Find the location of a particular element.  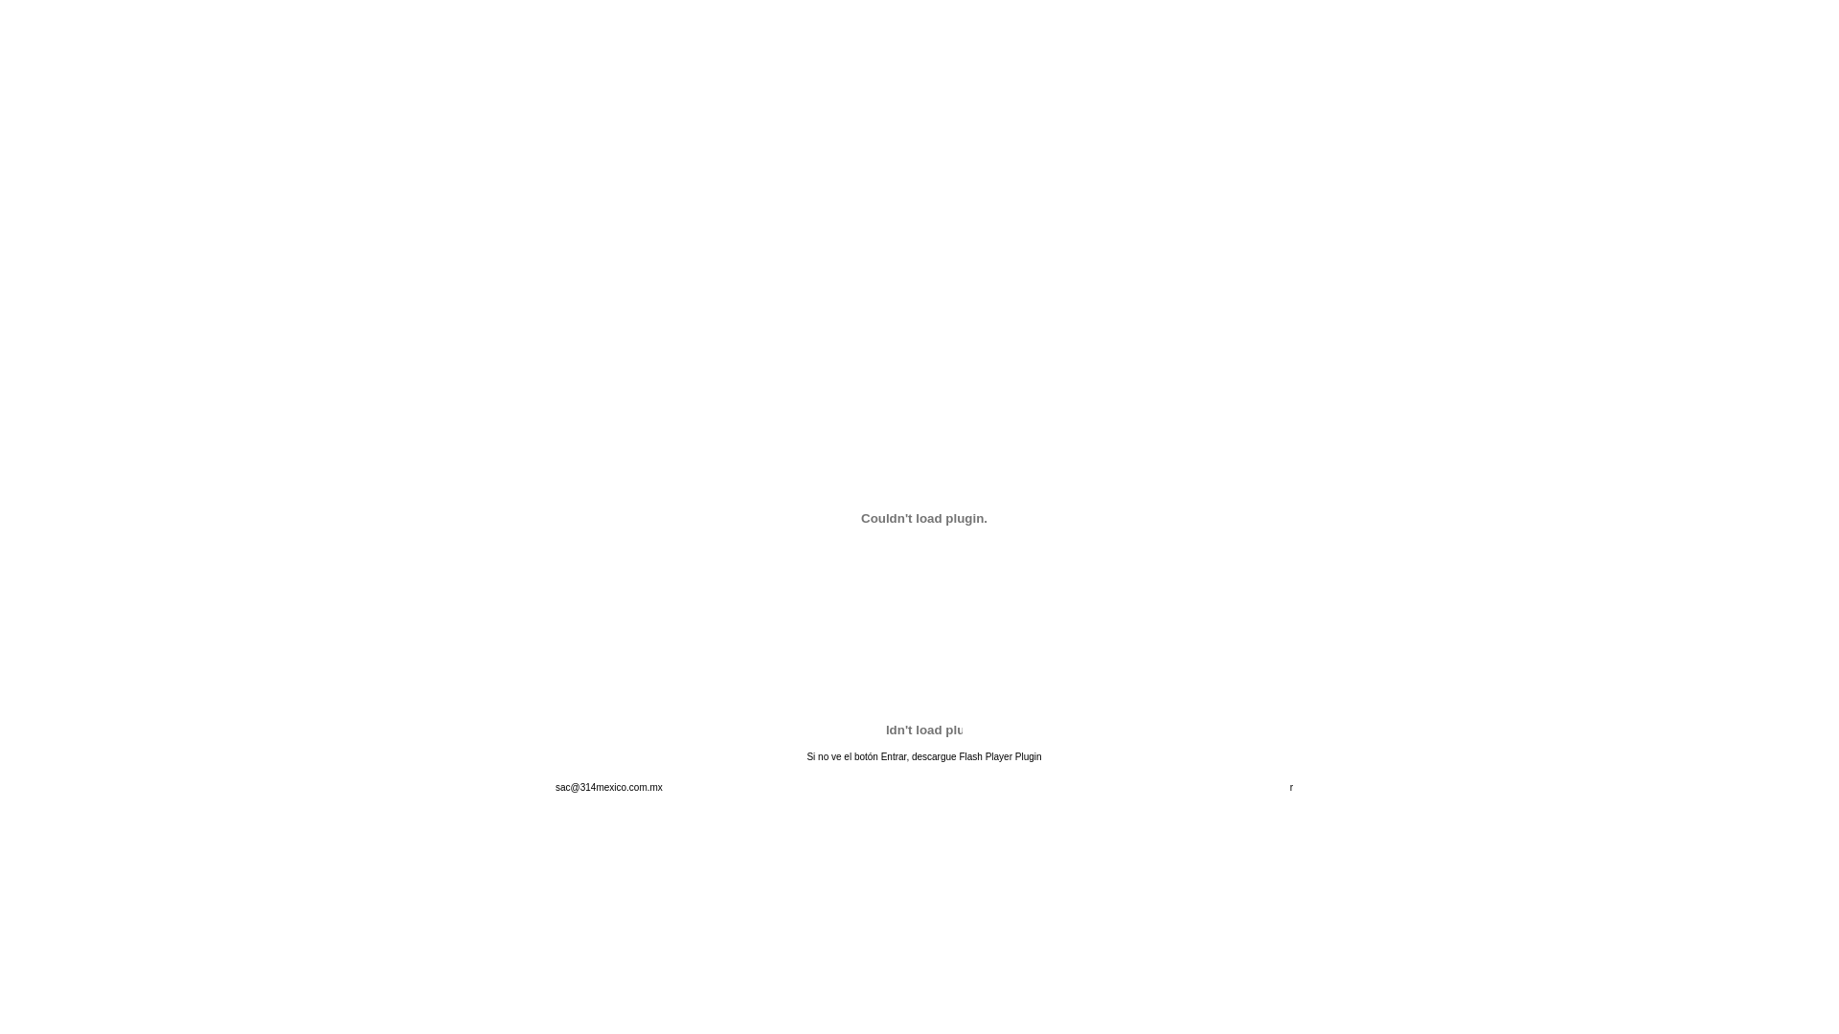

'sac@314mexico.com.mx' is located at coordinates (607, 787).